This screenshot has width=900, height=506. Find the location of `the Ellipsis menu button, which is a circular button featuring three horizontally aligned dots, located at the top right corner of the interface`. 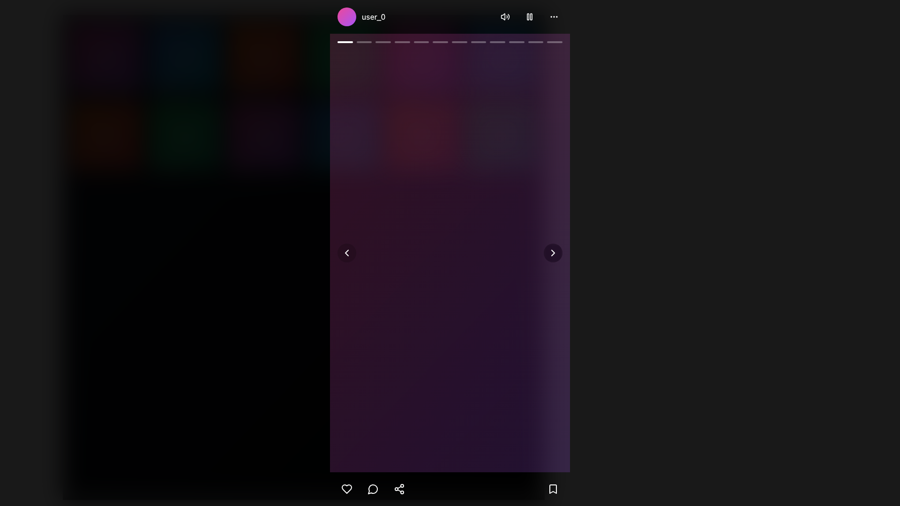

the Ellipsis menu button, which is a circular button featuring three horizontally aligned dots, located at the top right corner of the interface is located at coordinates (554, 16).